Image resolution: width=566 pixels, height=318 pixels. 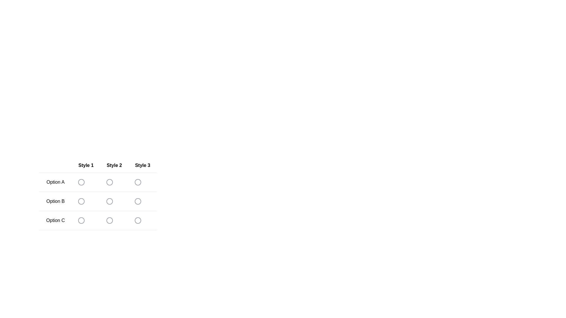 I want to click on the radio button for 'Option C' under 'Style 3', so click(x=143, y=220).